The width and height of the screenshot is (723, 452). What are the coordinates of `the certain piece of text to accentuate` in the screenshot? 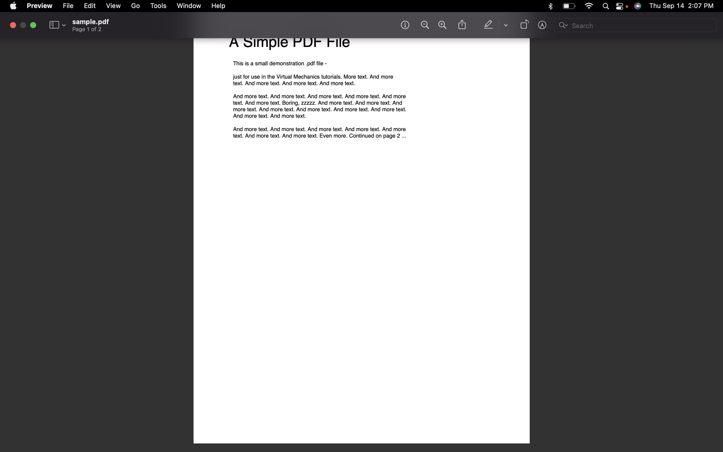 It's located at (489, 25).